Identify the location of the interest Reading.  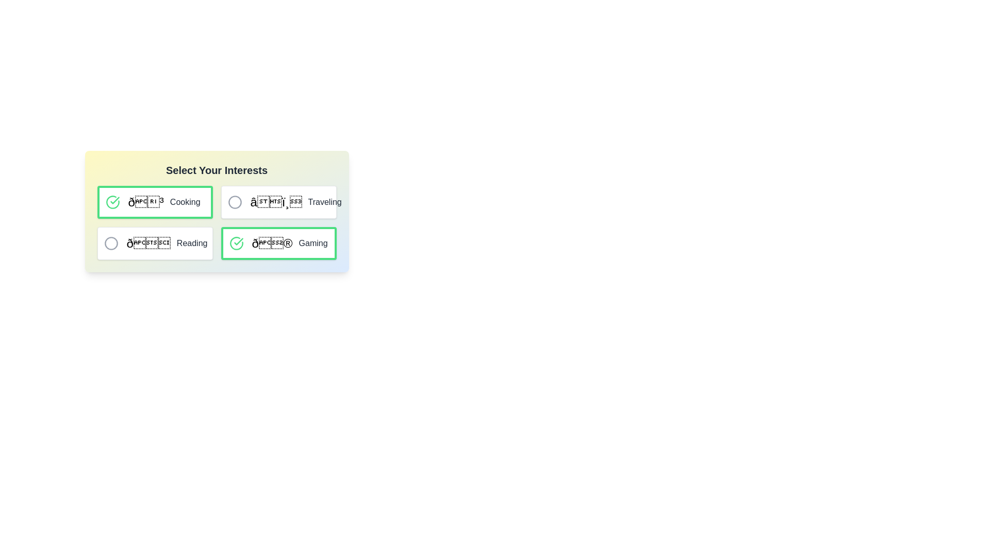
(111, 244).